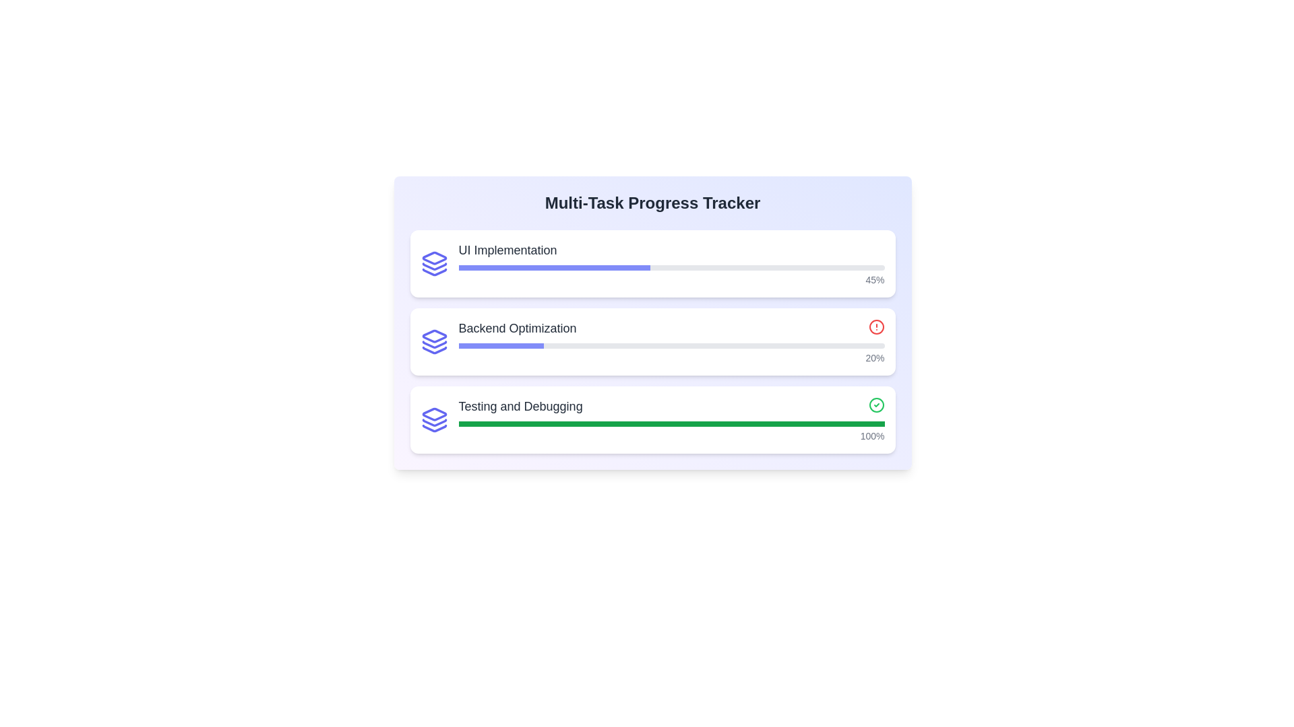  What do you see at coordinates (876, 404) in the screenshot?
I see `green-colored circular outline with a checkmark inside, located in the last progress bar section labeled 'Testing and Debugging'` at bounding box center [876, 404].